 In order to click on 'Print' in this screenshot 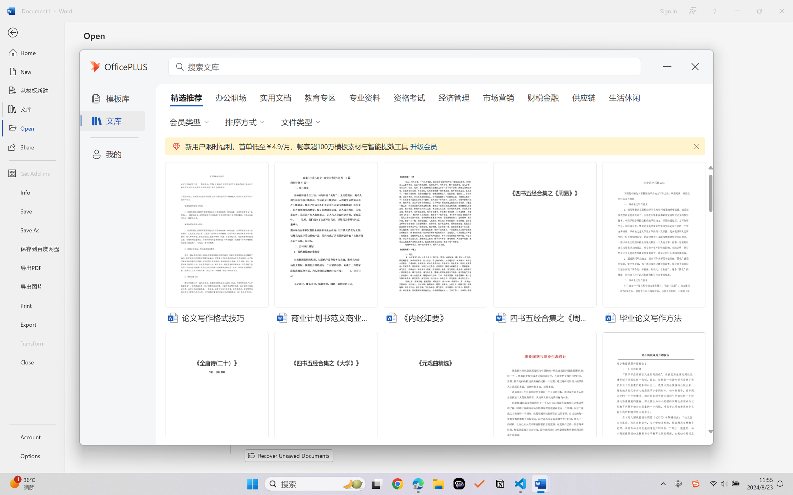, I will do `click(32, 305)`.